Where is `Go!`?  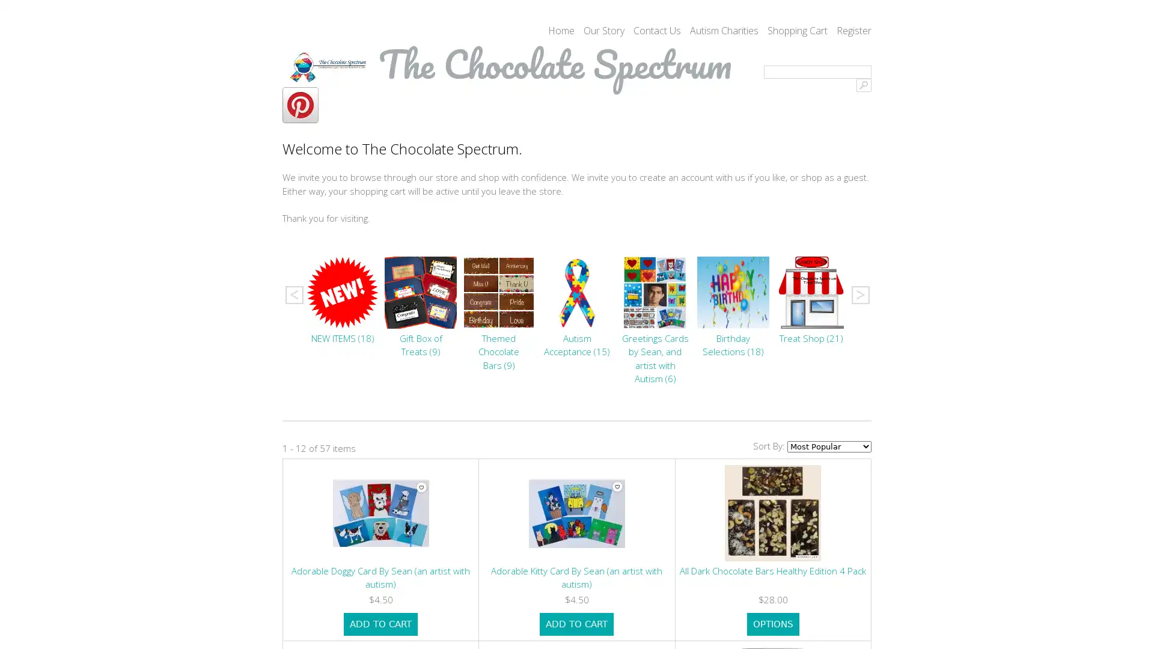
Go! is located at coordinates (863, 85).